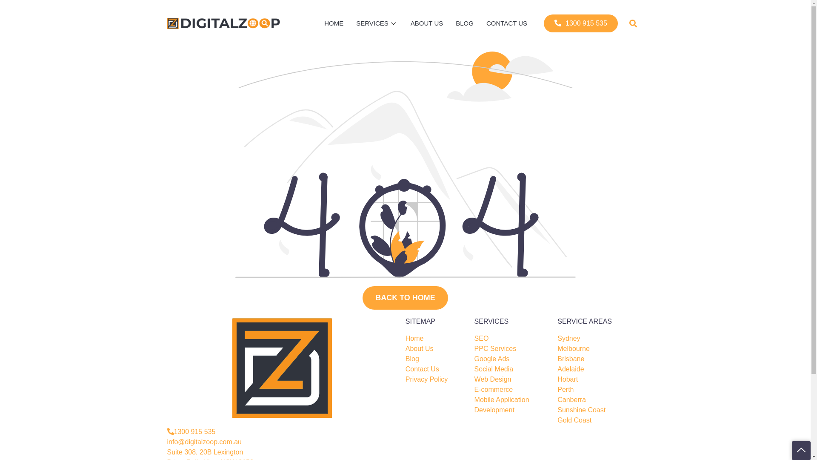  What do you see at coordinates (557, 369) in the screenshot?
I see `'Adelaide'` at bounding box center [557, 369].